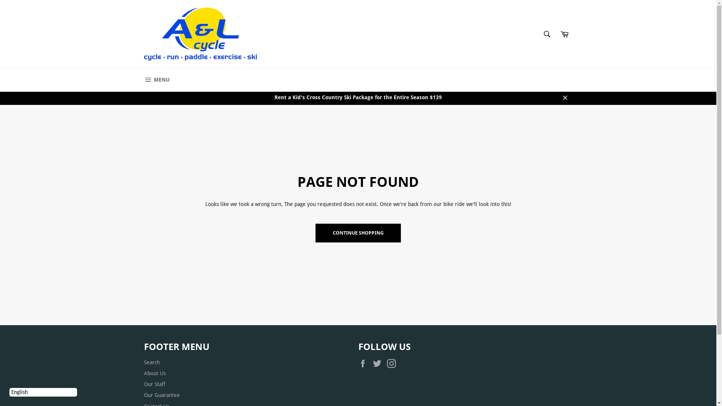  Describe the element at coordinates (564, 34) in the screenshot. I see `'Cart'` at that location.